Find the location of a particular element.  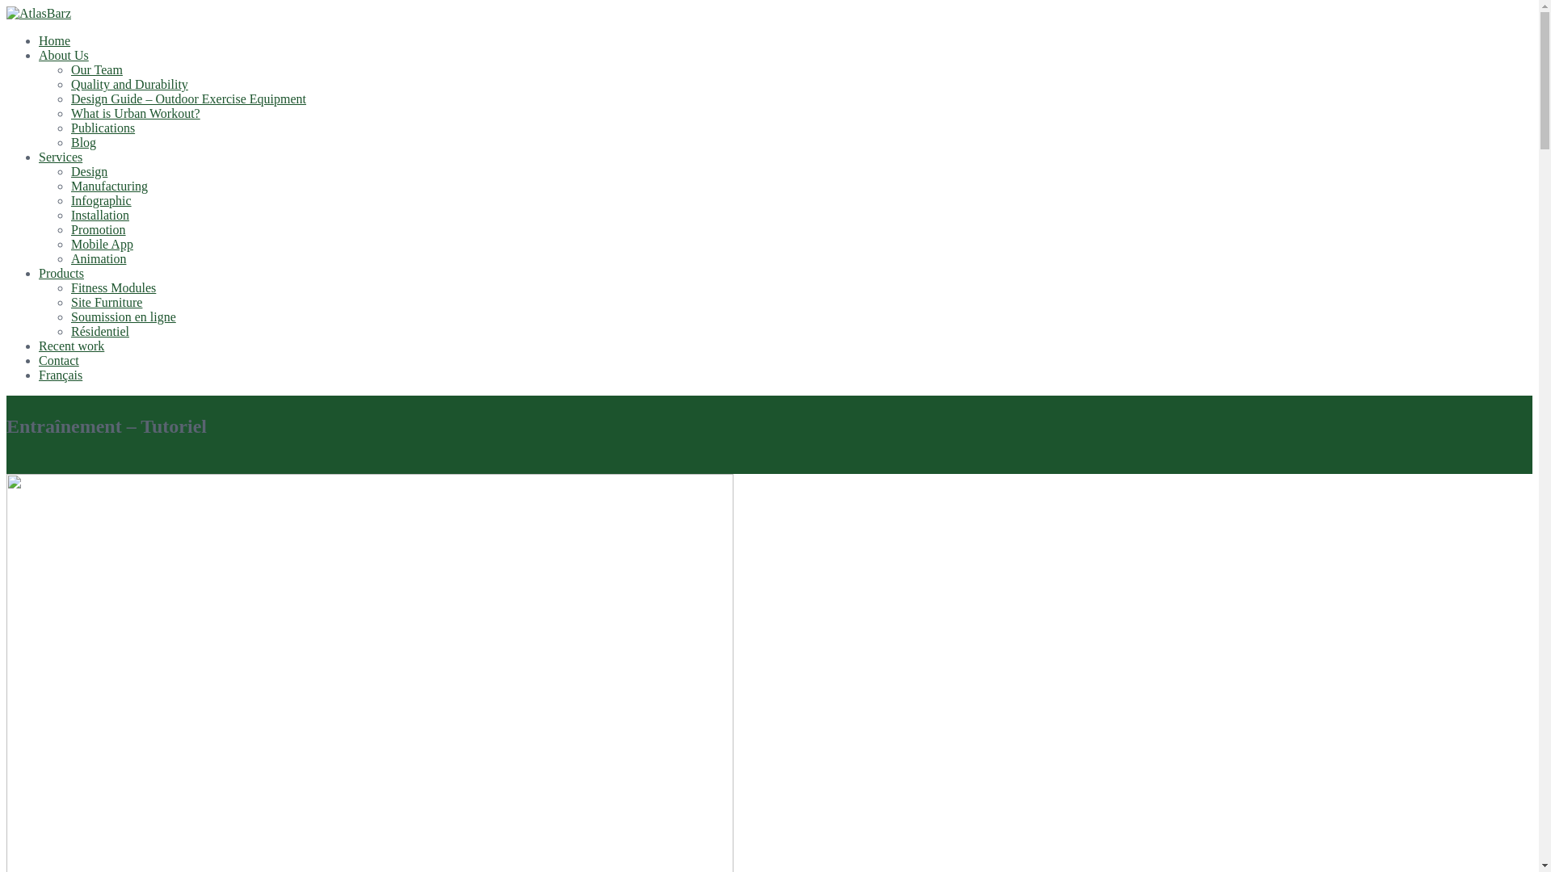

'Design' is located at coordinates (88, 171).